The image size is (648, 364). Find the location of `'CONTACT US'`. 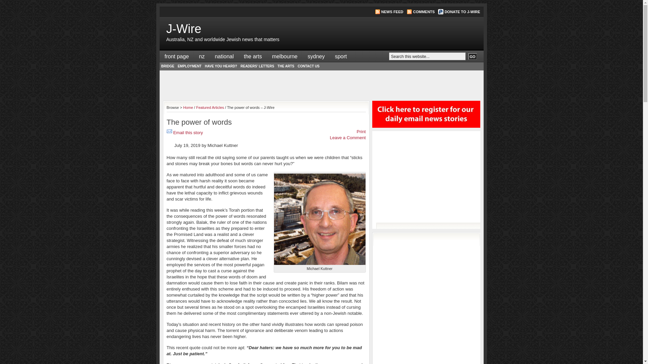

'CONTACT US' is located at coordinates (308, 66).